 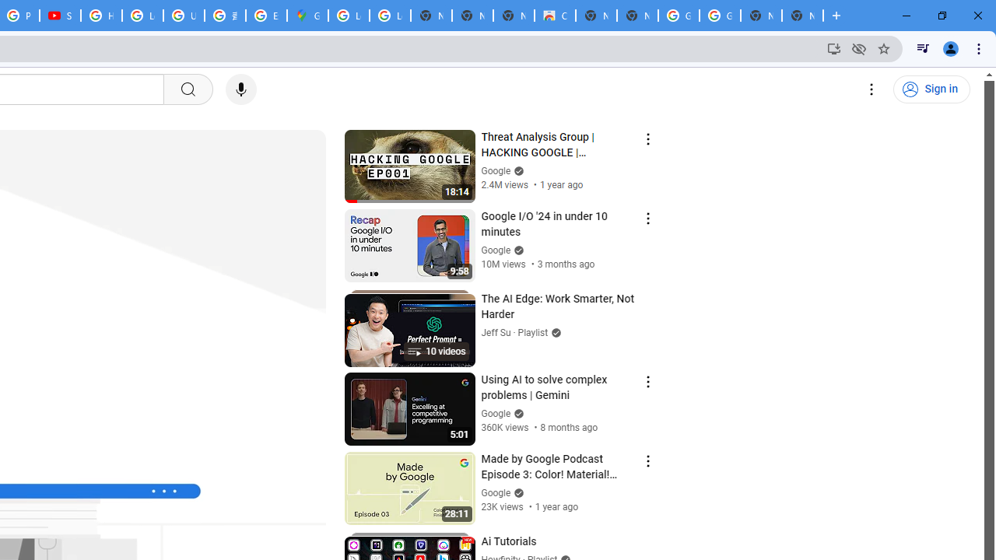 I want to click on 'Subscriptions - YouTube', so click(x=60, y=16).